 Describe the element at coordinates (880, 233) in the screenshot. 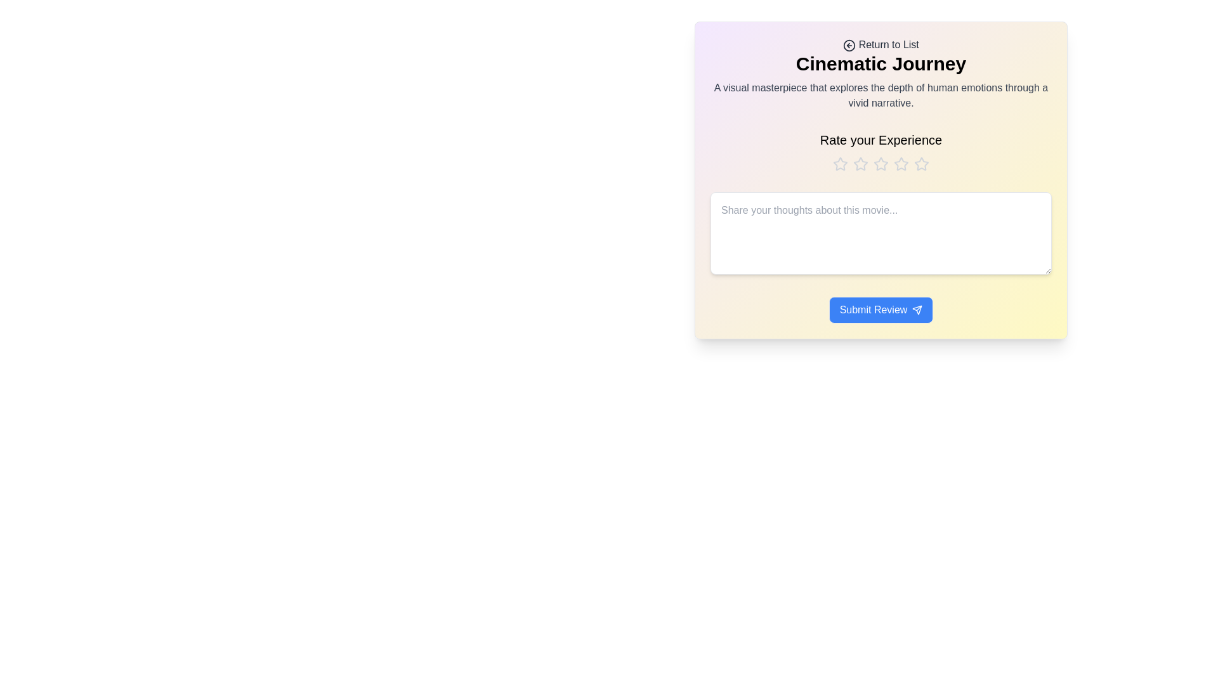

I see `the multi-line text input field that contains the placeholder text 'Share your thoughts about this movie...' by tabbing to it` at that location.